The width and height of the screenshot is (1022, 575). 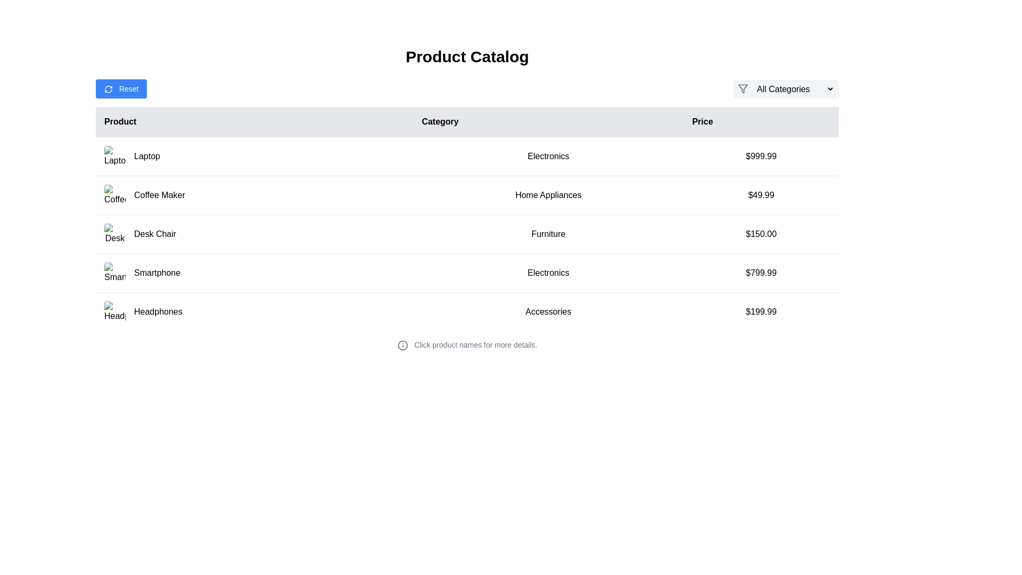 What do you see at coordinates (548, 233) in the screenshot?
I see `text from the 'Furniture' label, which is styled as plain text and located in the third row of a table under the 'Category' column` at bounding box center [548, 233].